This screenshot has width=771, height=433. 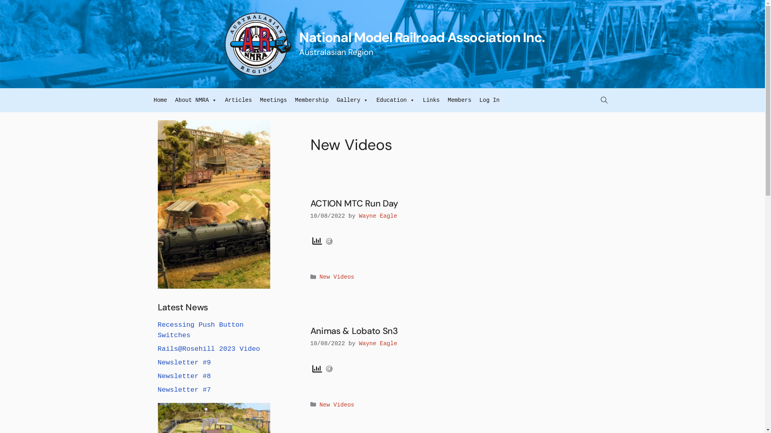 What do you see at coordinates (354, 203) in the screenshot?
I see `'ACTION MTC Run Day'` at bounding box center [354, 203].